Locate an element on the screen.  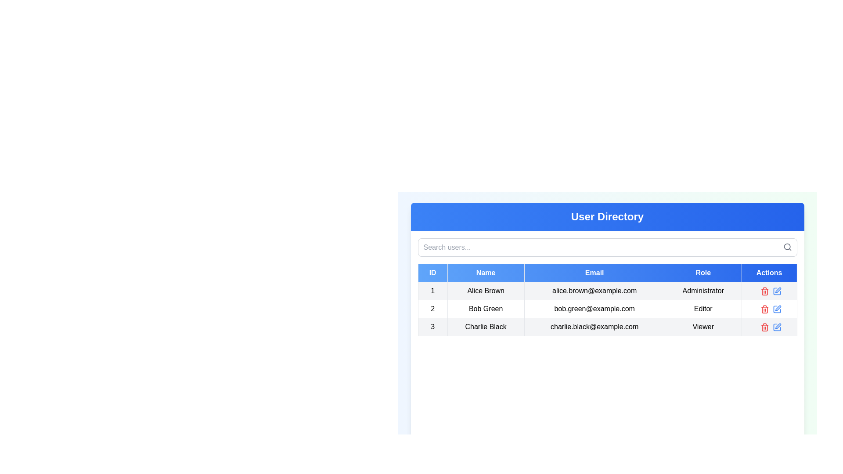
the decorative graphic component of the search icon located in the top-right corner of the user directory interface header is located at coordinates (787, 247).